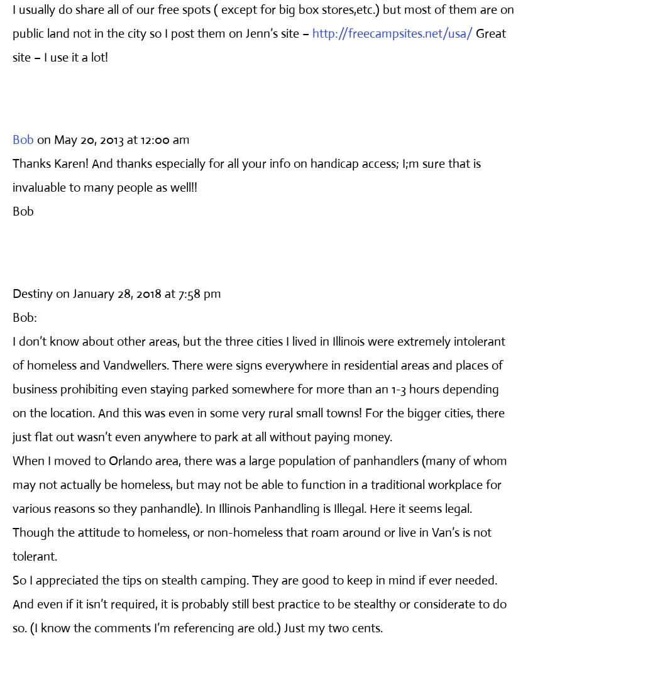 This screenshot has width=660, height=675. Describe the element at coordinates (392, 32) in the screenshot. I see `'http://freecampsites.net/usa/'` at that location.